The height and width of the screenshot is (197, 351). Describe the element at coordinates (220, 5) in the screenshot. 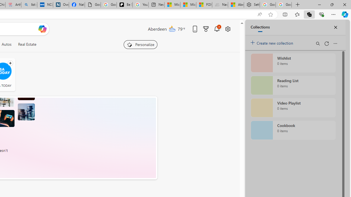

I see `'Navy Quest'` at that location.